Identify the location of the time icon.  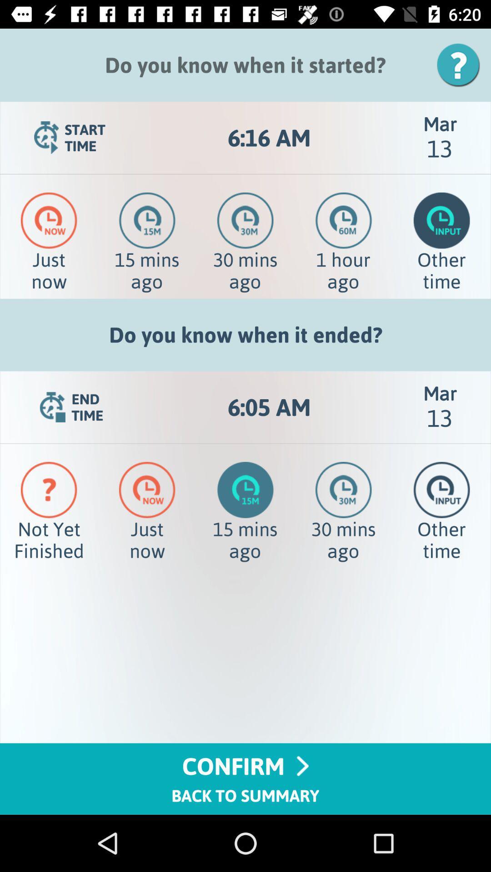
(245, 220).